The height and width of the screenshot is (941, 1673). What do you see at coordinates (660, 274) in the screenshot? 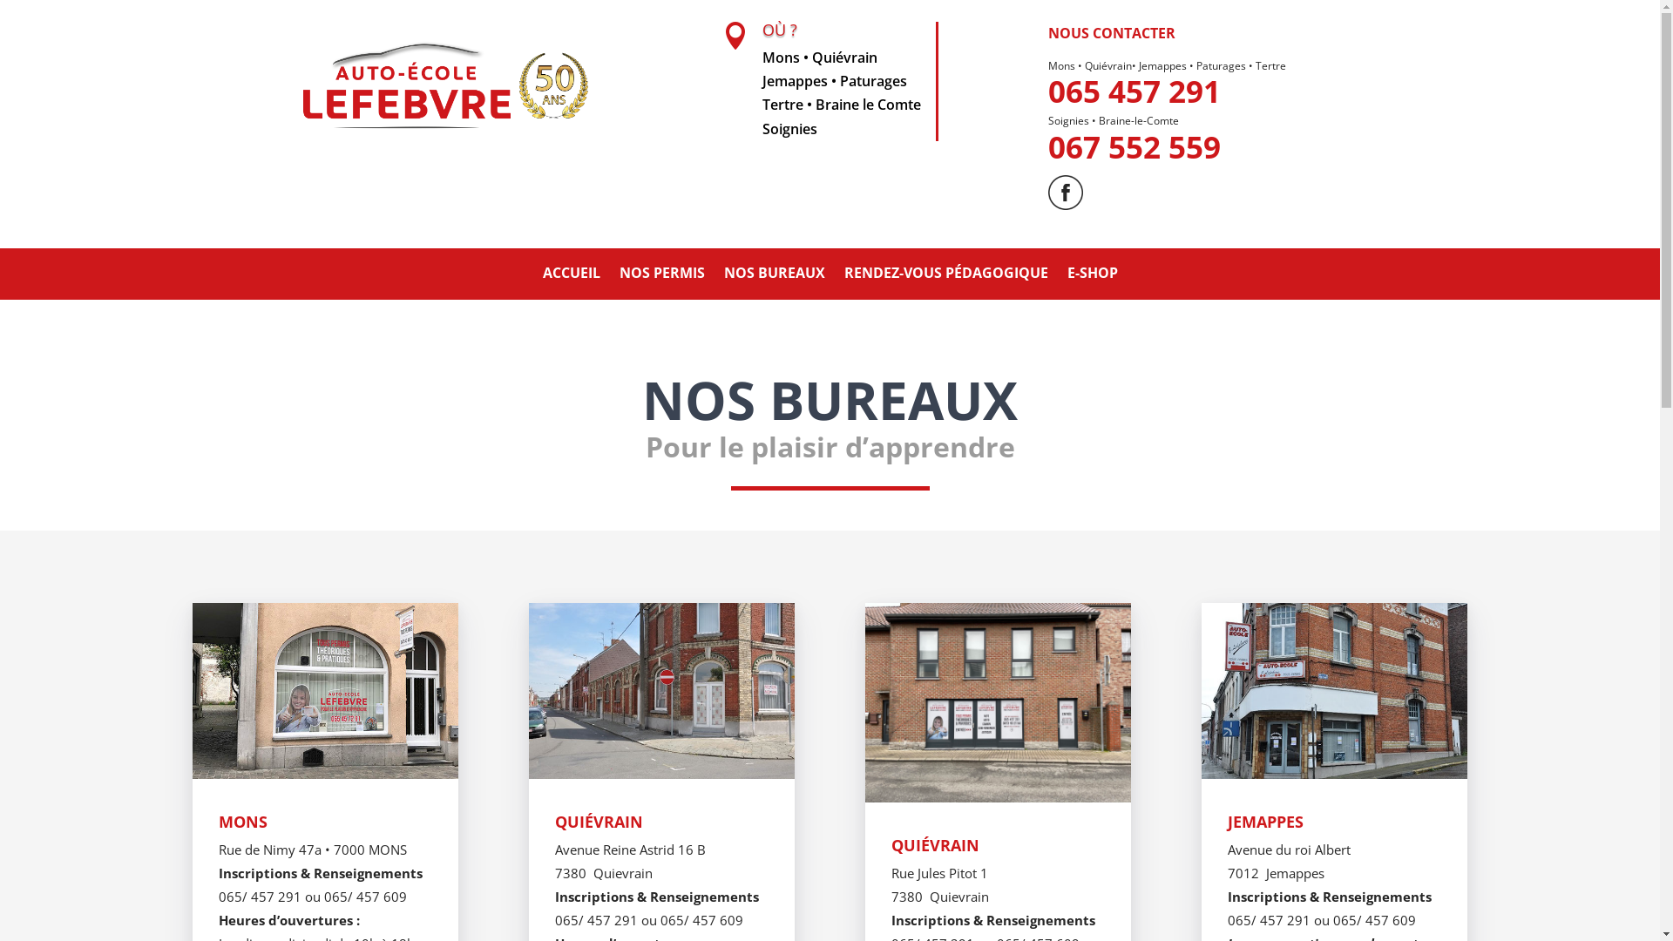
I see `'NOS PERMIS'` at bounding box center [660, 274].